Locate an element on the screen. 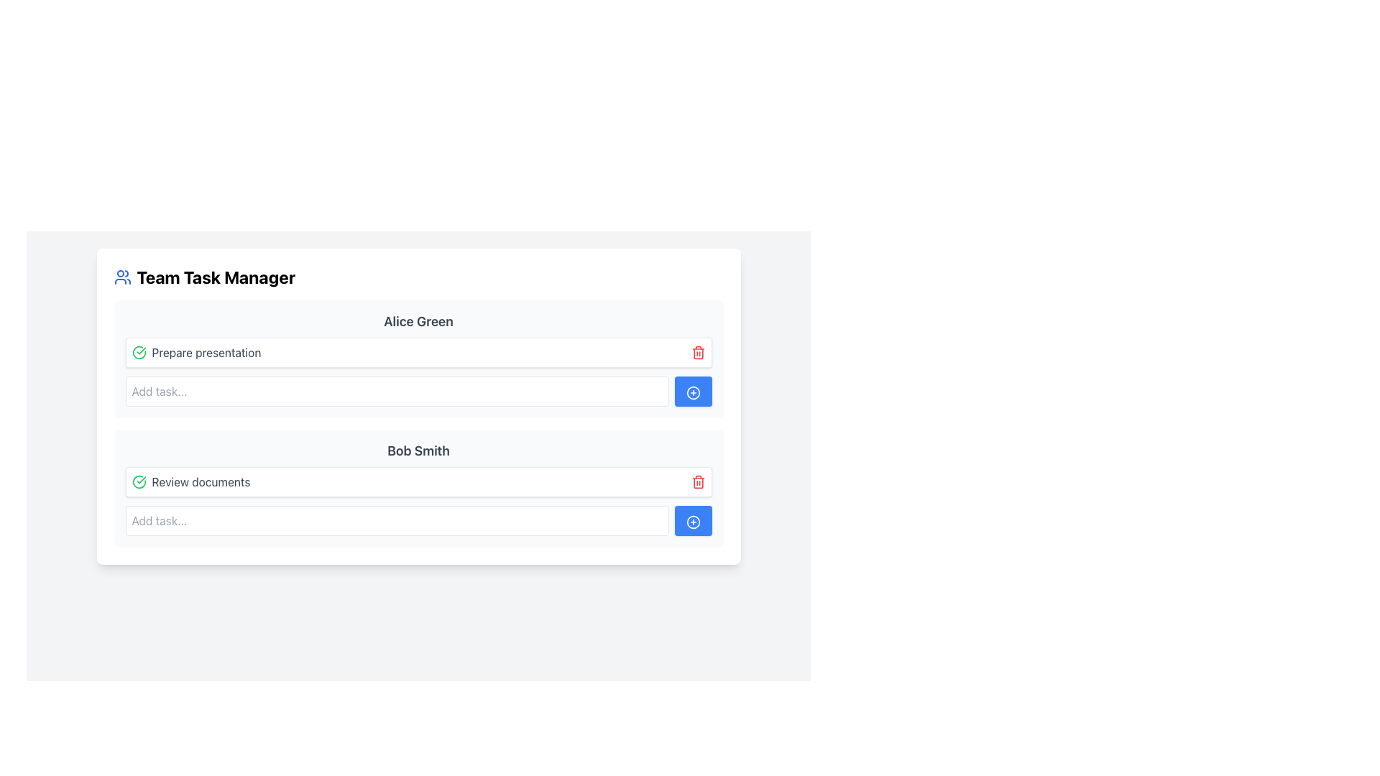 Image resolution: width=1380 pixels, height=776 pixels. the red trash bin icon for deletion functionality, which is located to the far right of the 'Prepare presentation' row is located at coordinates (698, 352).